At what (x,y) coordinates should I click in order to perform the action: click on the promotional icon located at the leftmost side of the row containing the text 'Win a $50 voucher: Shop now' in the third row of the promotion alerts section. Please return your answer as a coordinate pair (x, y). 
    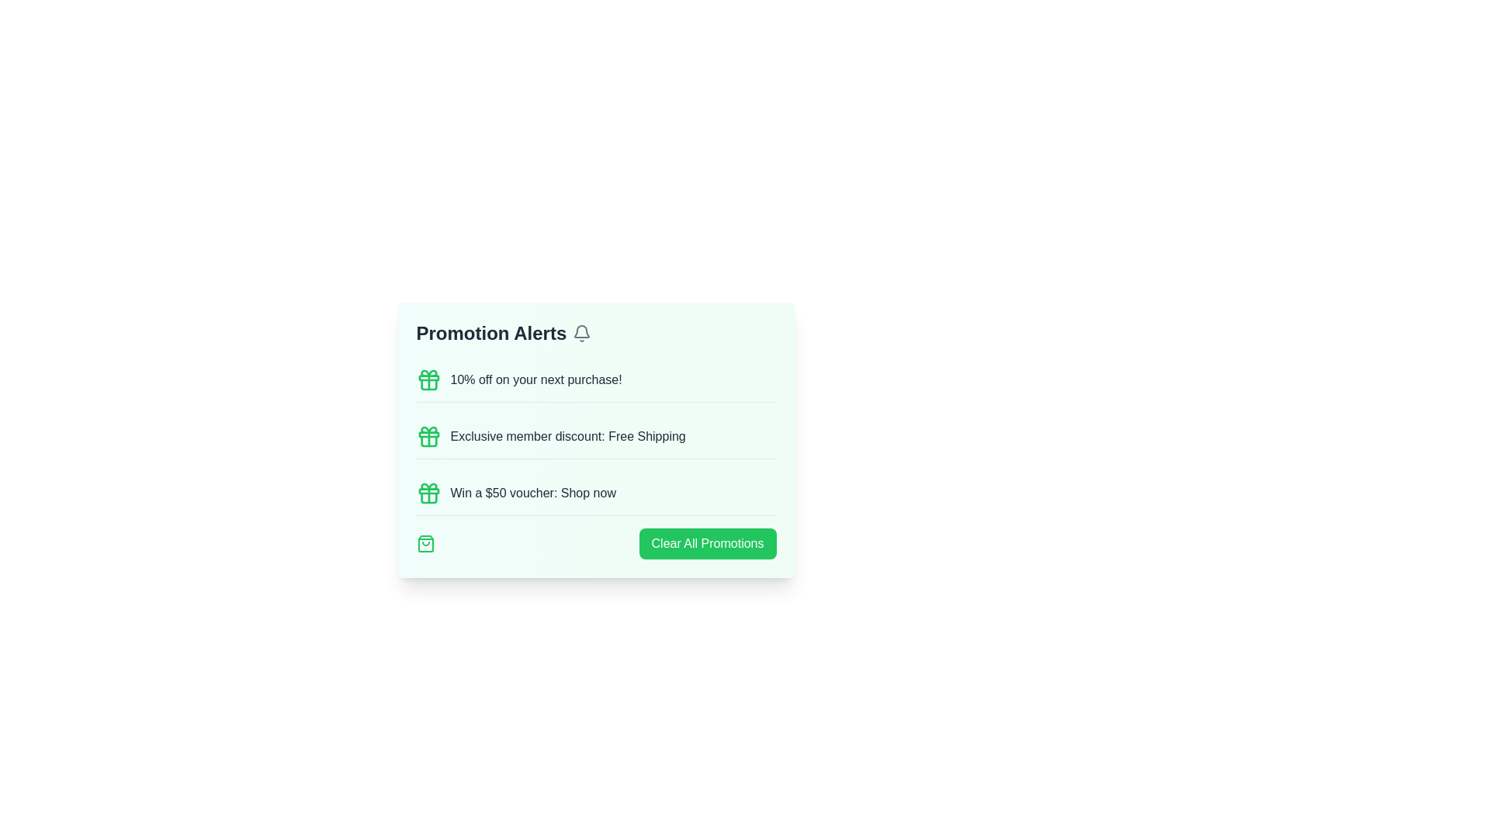
    Looking at the image, I should click on (428, 493).